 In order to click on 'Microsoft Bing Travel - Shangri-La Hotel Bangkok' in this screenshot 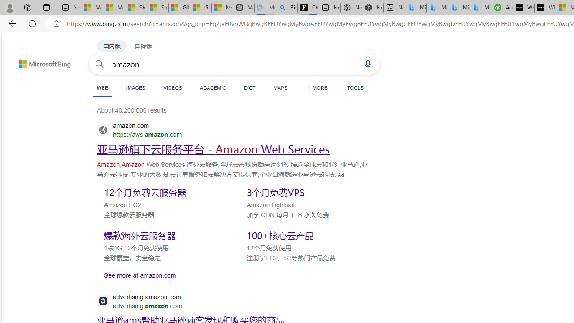, I will do `click(480, 8)`.